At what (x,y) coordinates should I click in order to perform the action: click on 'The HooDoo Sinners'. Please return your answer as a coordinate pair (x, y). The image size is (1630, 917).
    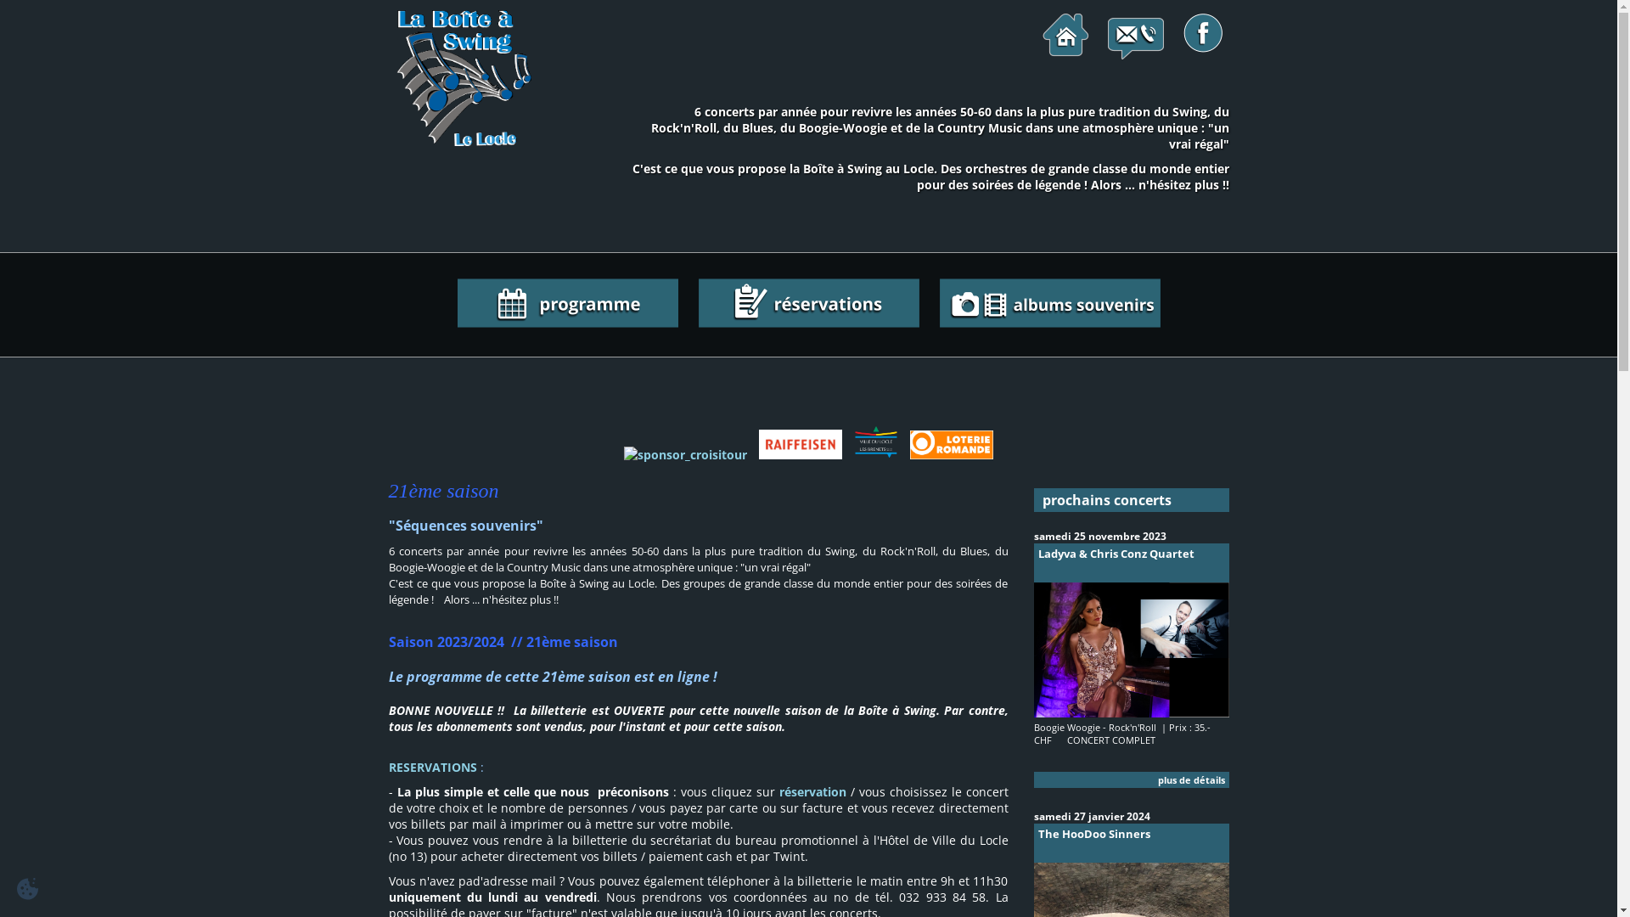
    Looking at the image, I should click on (1033, 842).